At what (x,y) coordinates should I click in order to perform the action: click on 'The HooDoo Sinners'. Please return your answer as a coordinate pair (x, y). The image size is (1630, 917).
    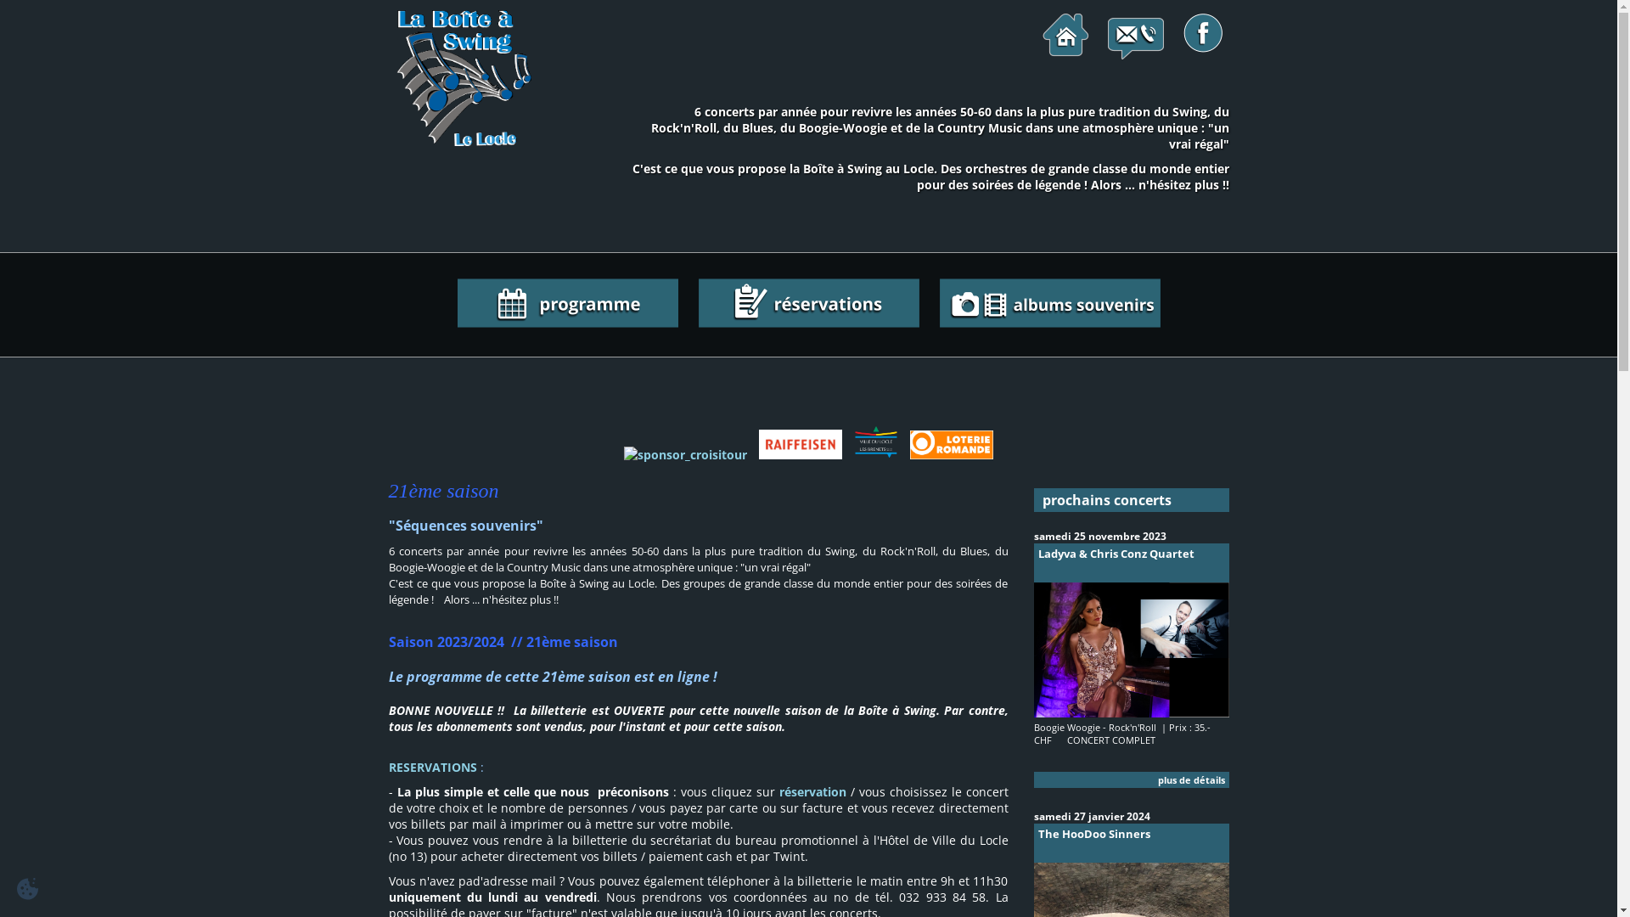
    Looking at the image, I should click on (1033, 842).